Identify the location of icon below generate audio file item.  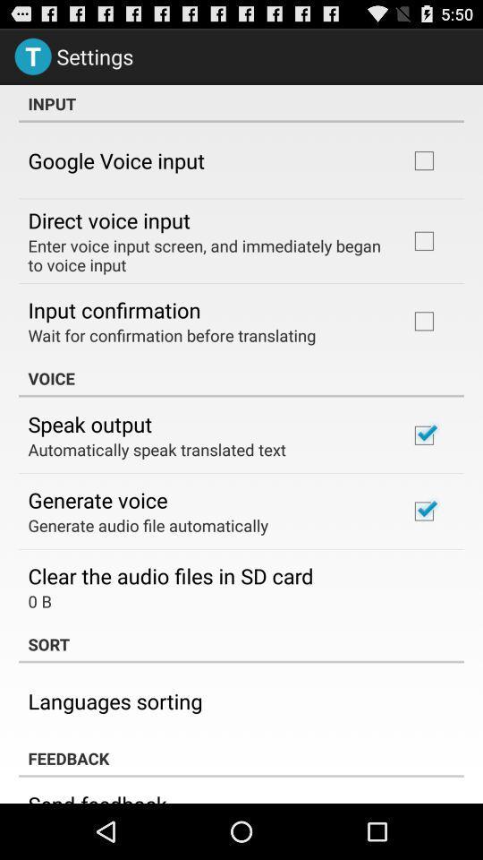
(171, 574).